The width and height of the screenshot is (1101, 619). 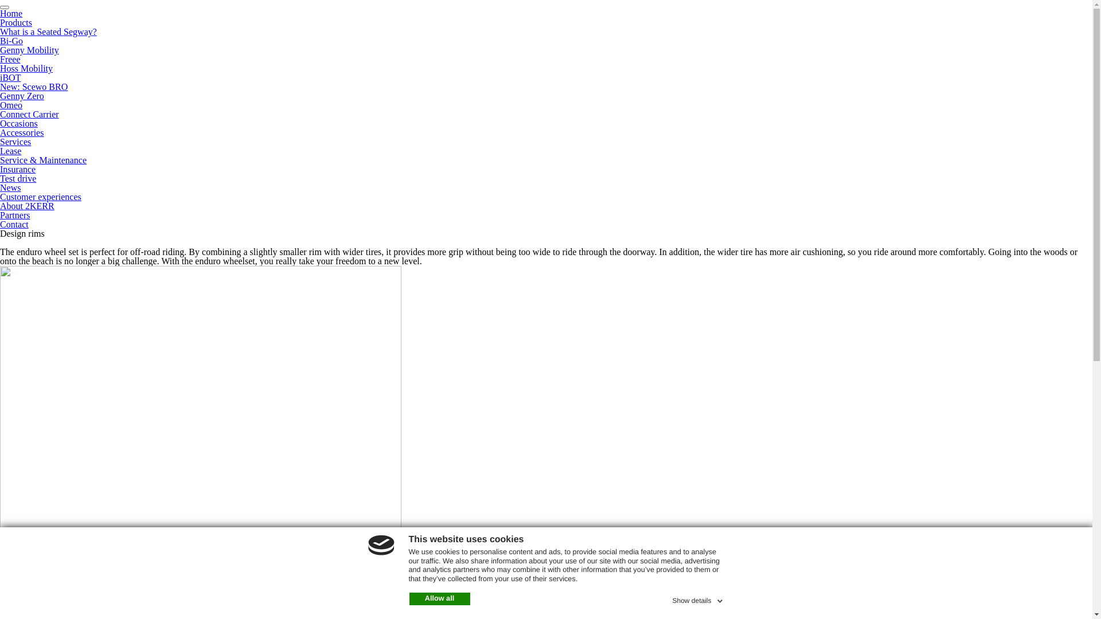 I want to click on 'Partners', so click(x=14, y=215).